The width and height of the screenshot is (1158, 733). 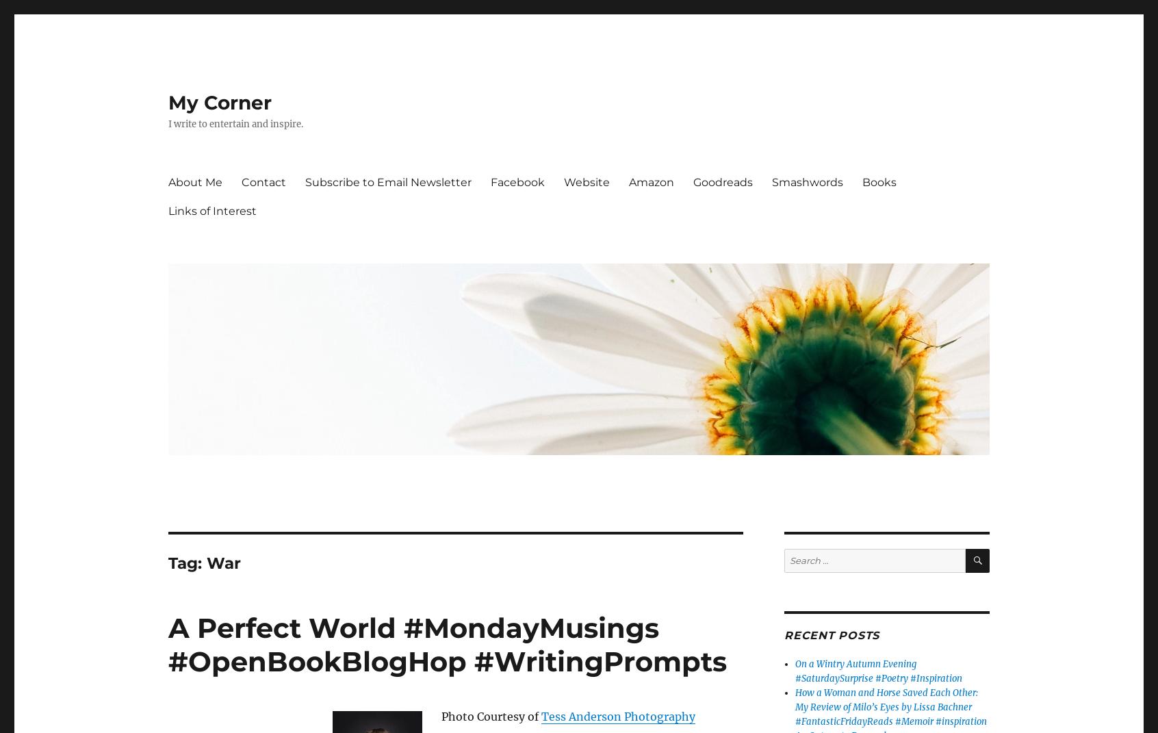 I want to click on 'Subscribe to Email Newsletter', so click(x=305, y=181).